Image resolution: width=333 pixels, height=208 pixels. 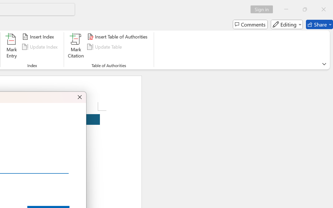 I want to click on 'Update Table', so click(x=105, y=47).